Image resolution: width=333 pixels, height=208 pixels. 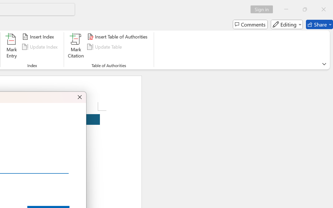 I want to click on 'Update Table', so click(x=105, y=47).